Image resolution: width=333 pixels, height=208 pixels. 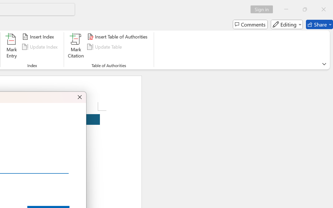 I want to click on 'Update Table', so click(x=105, y=47).